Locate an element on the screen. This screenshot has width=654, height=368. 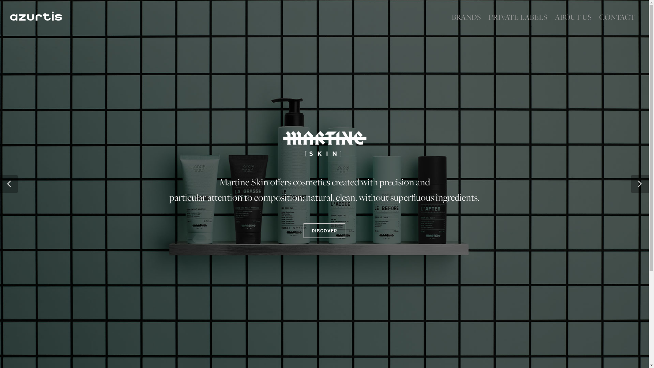
'ABOUT US' is located at coordinates (573, 17).